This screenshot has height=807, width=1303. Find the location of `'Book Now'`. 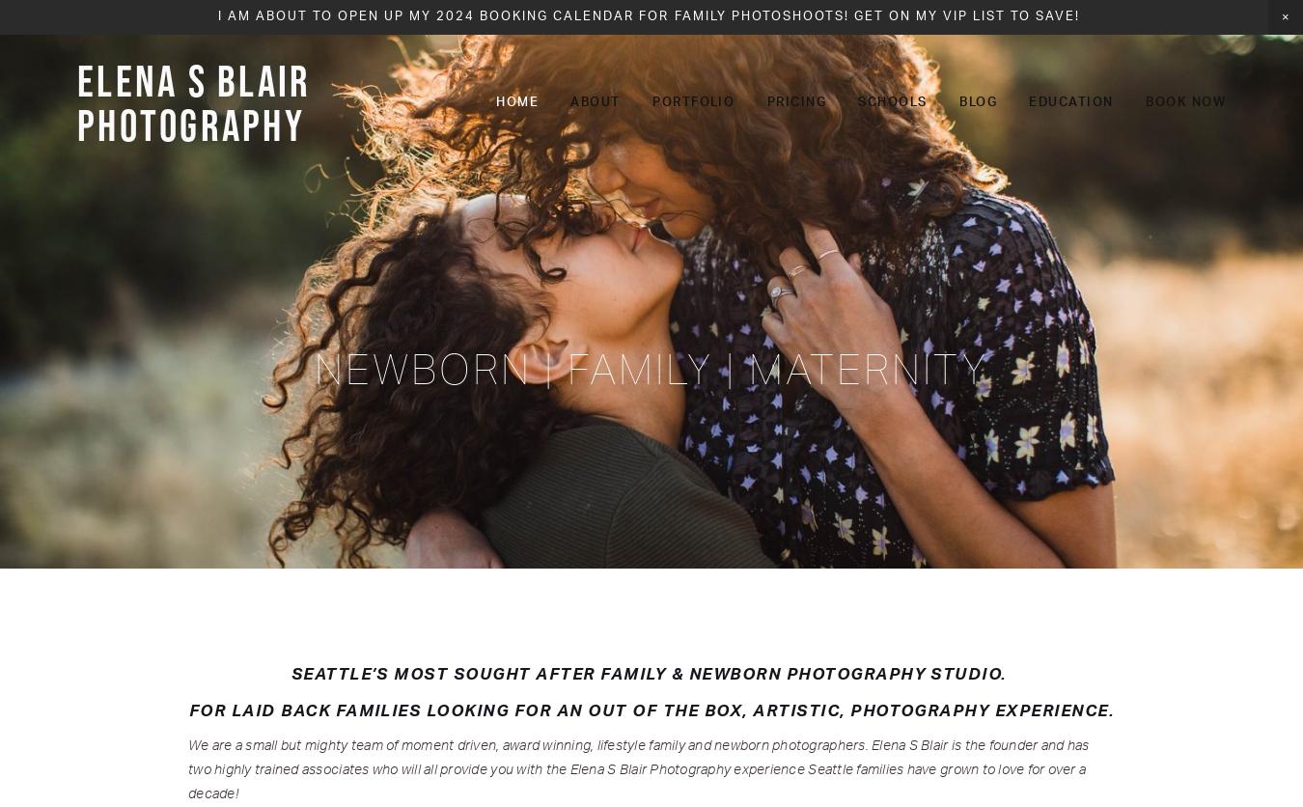

'Book Now' is located at coordinates (1184, 101).